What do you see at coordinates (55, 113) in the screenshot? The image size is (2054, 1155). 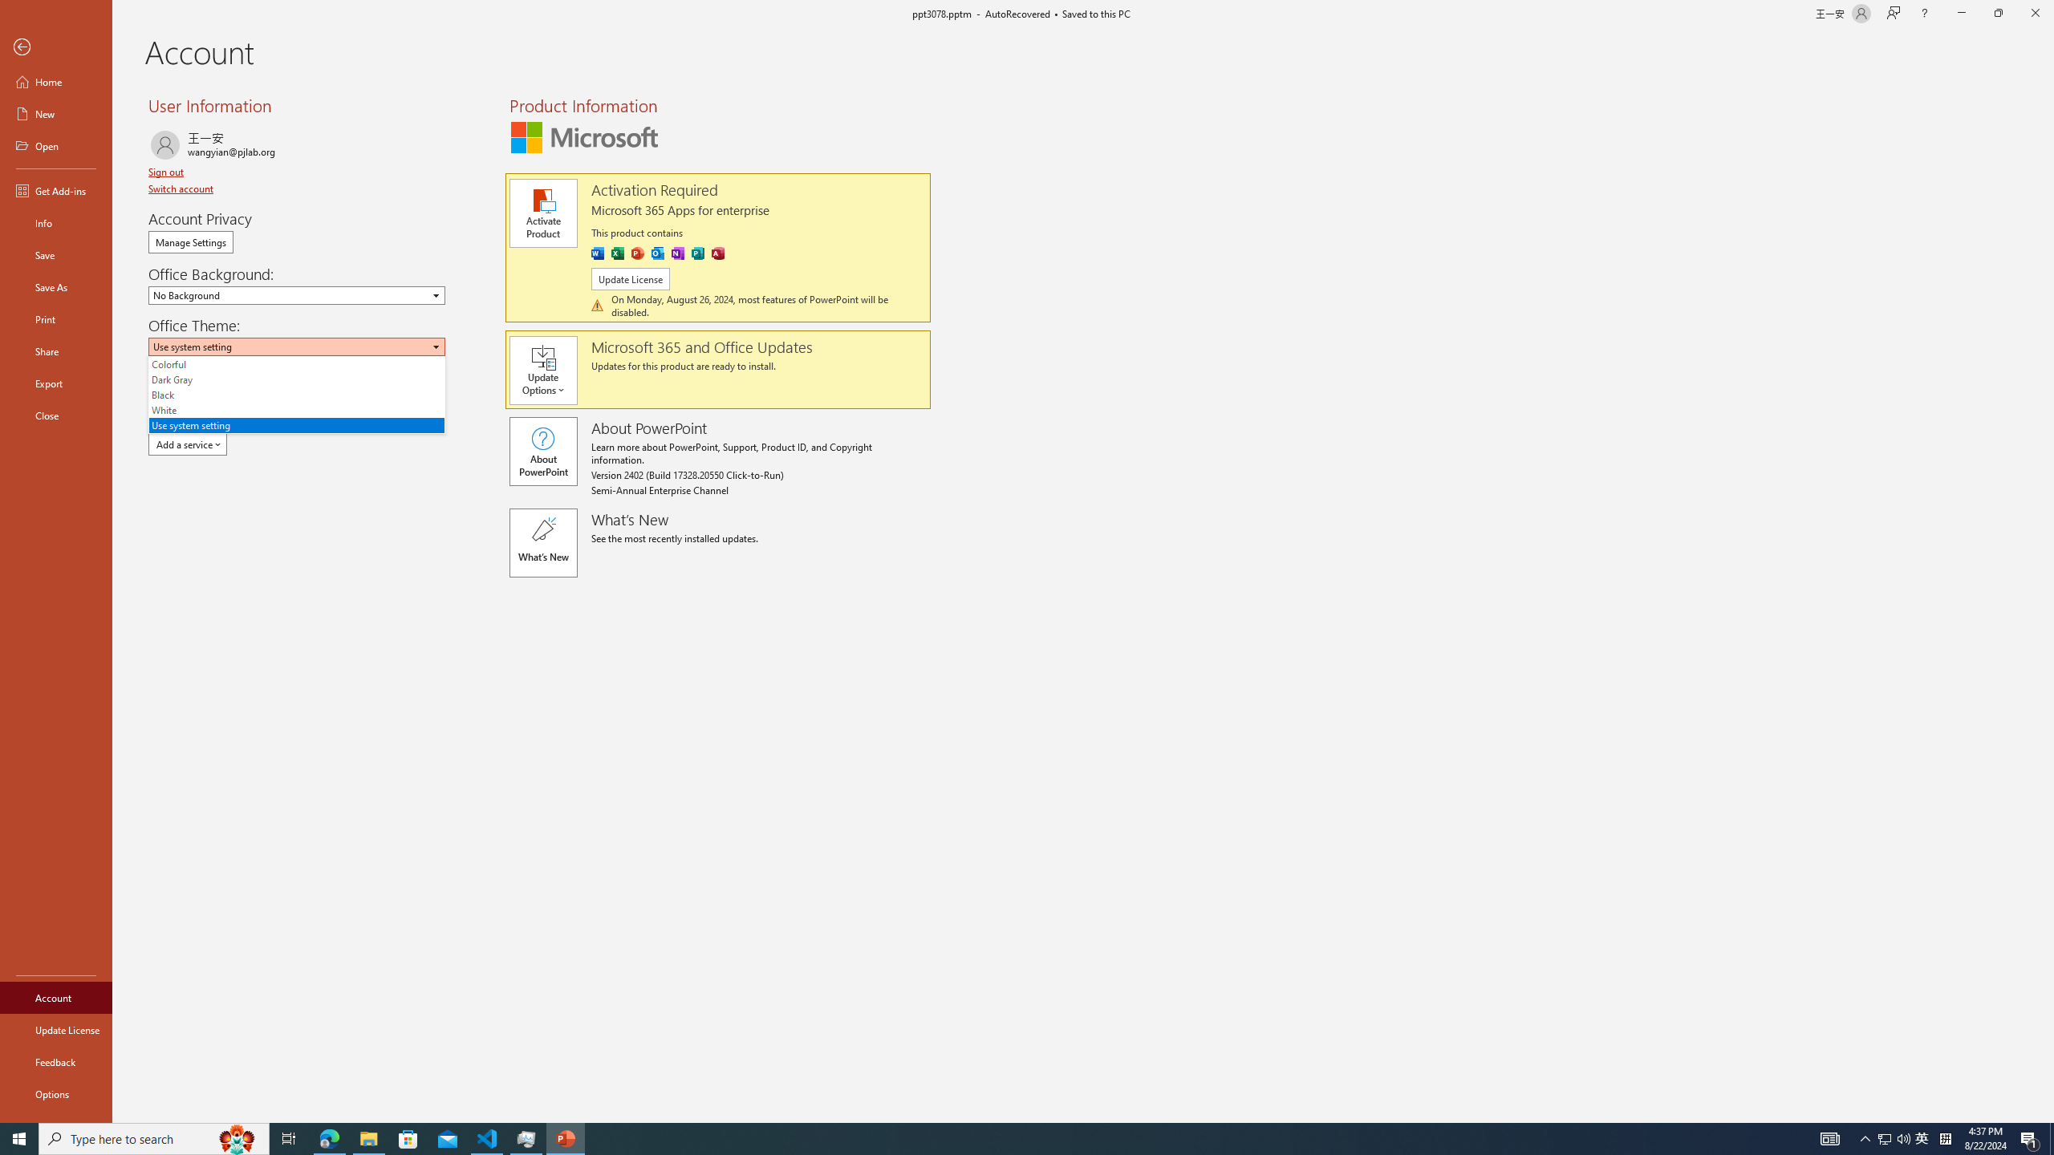 I see `'New'` at bounding box center [55, 113].